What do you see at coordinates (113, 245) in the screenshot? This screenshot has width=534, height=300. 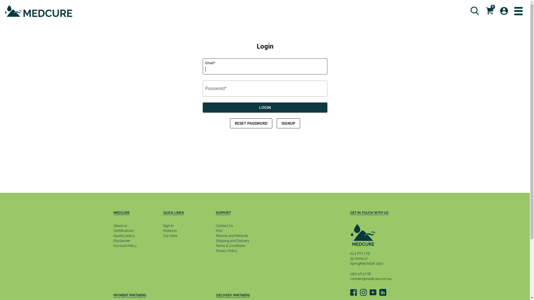 I see `'Account Policy'` at bounding box center [113, 245].